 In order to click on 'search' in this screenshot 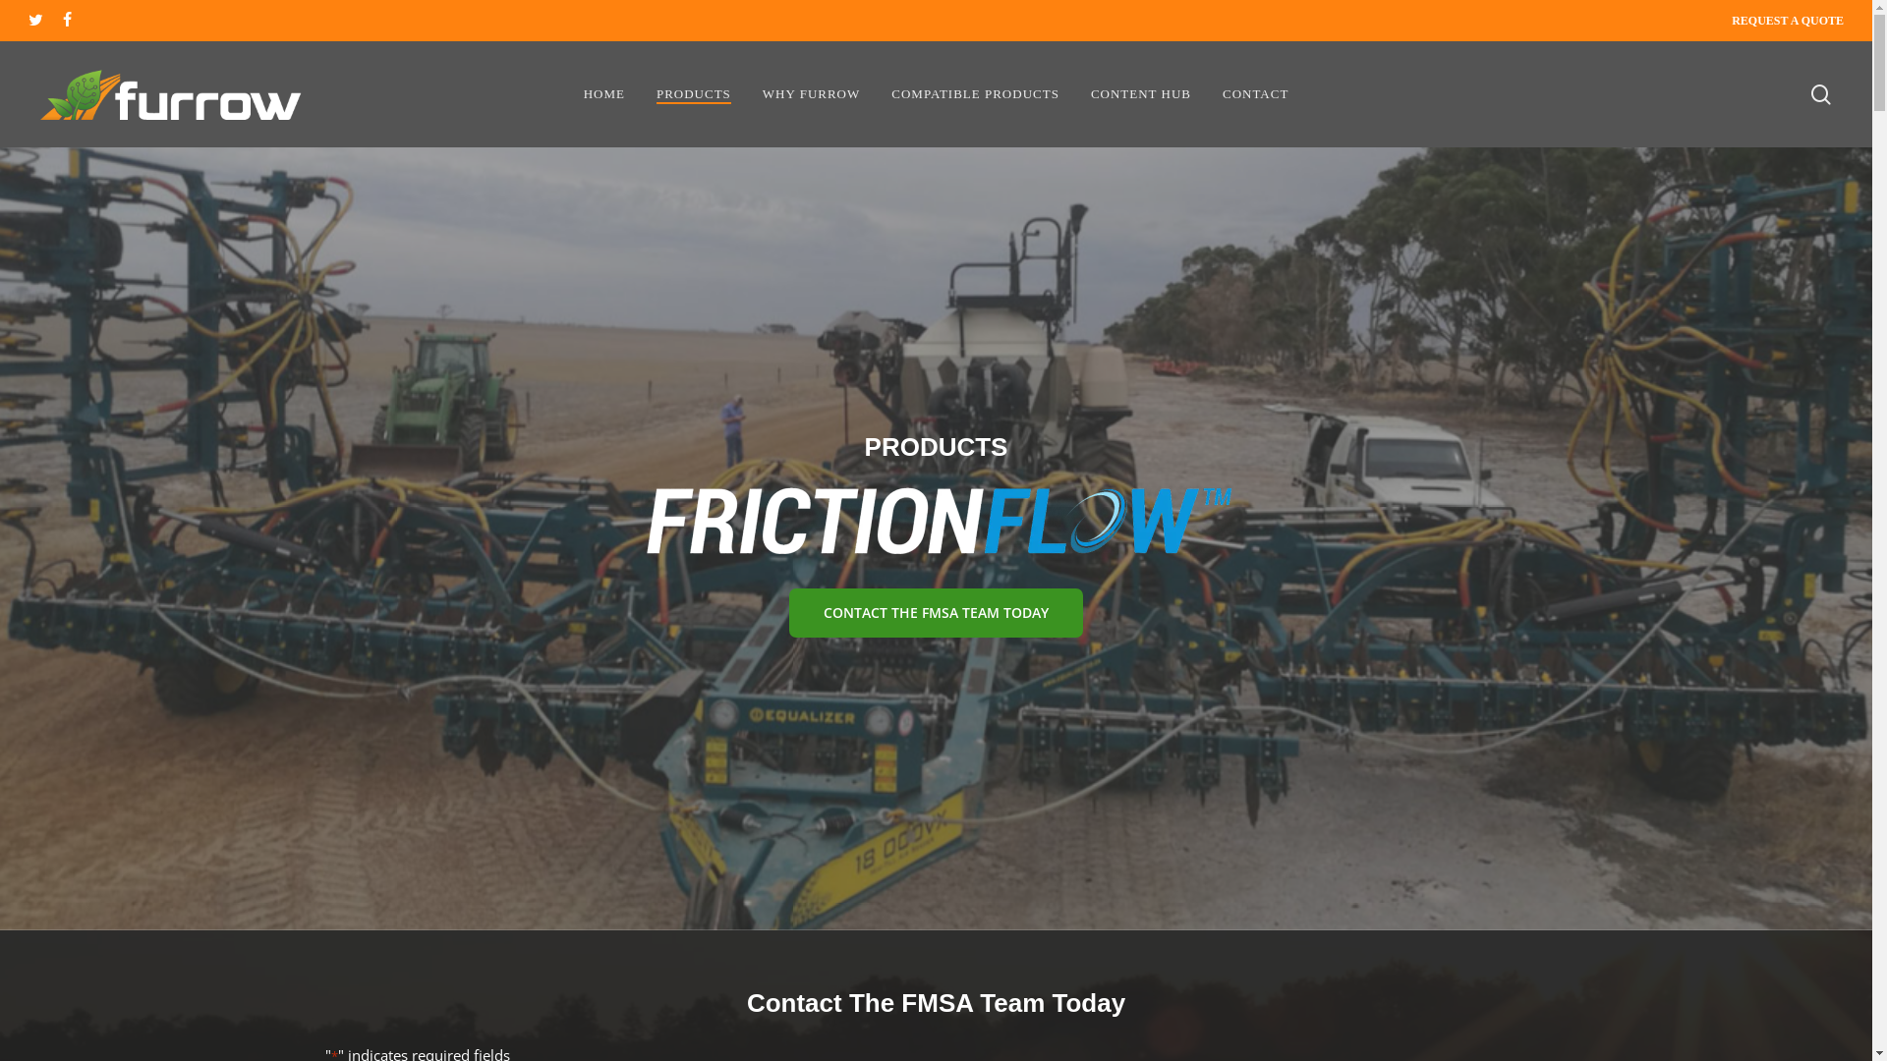, I will do `click(1808, 94)`.